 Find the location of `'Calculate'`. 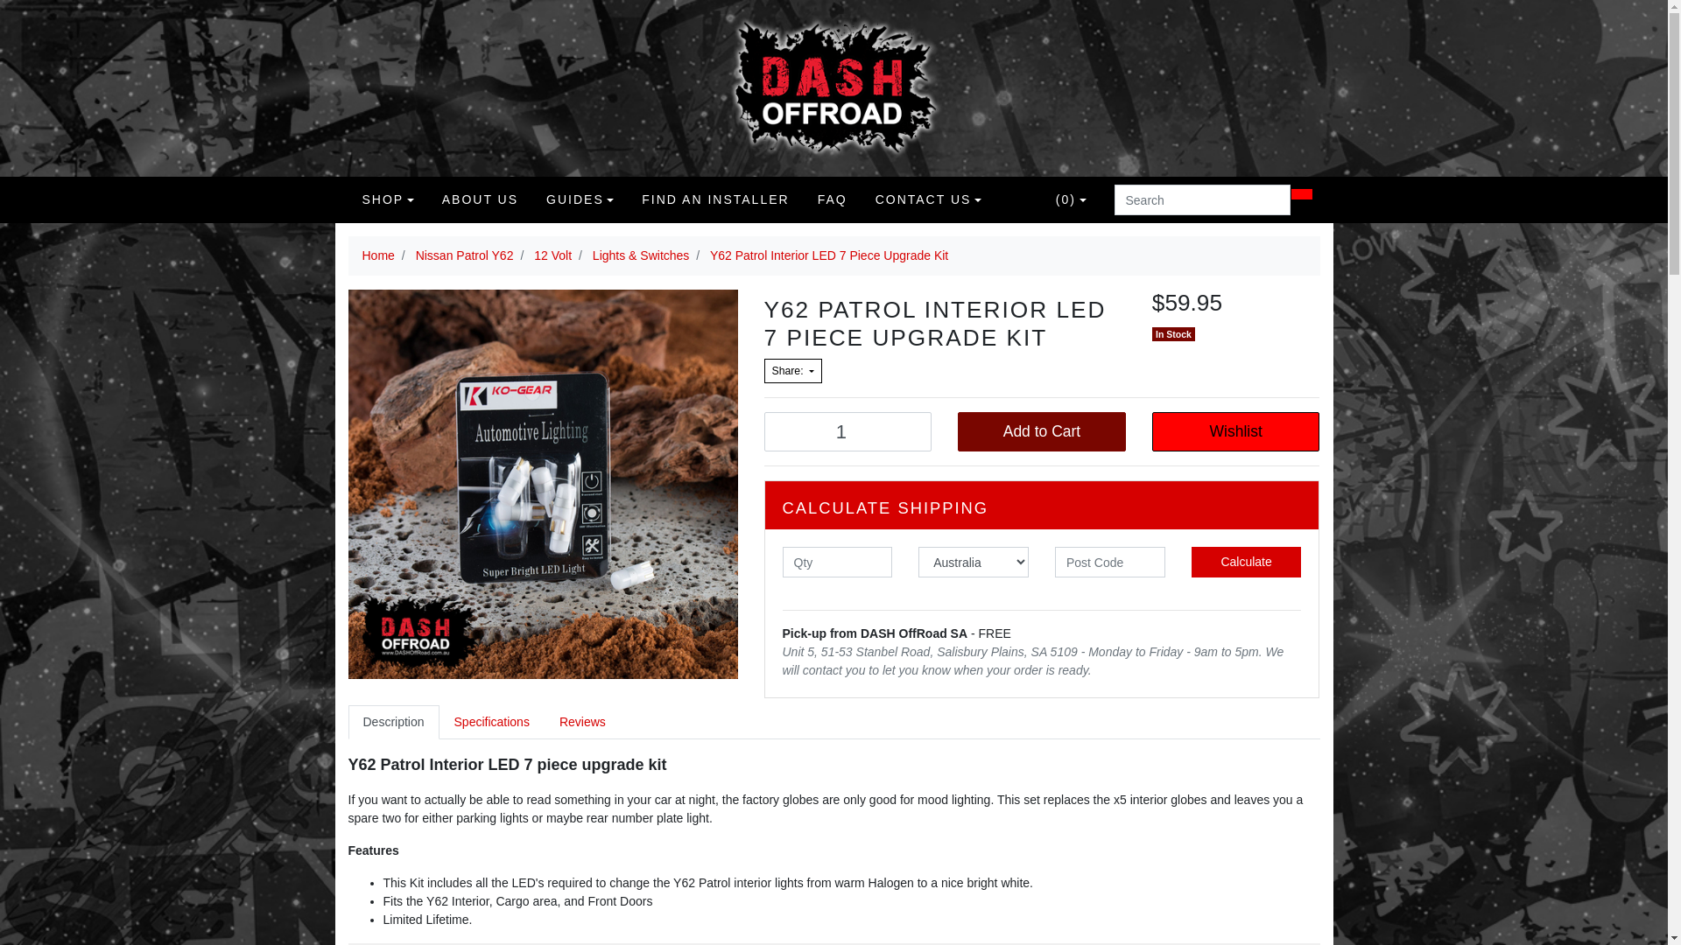

'Calculate' is located at coordinates (1191, 562).